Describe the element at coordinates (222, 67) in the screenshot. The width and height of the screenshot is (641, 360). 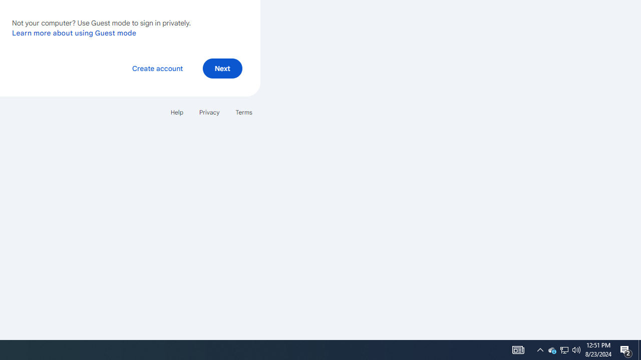
I see `'Next'` at that location.